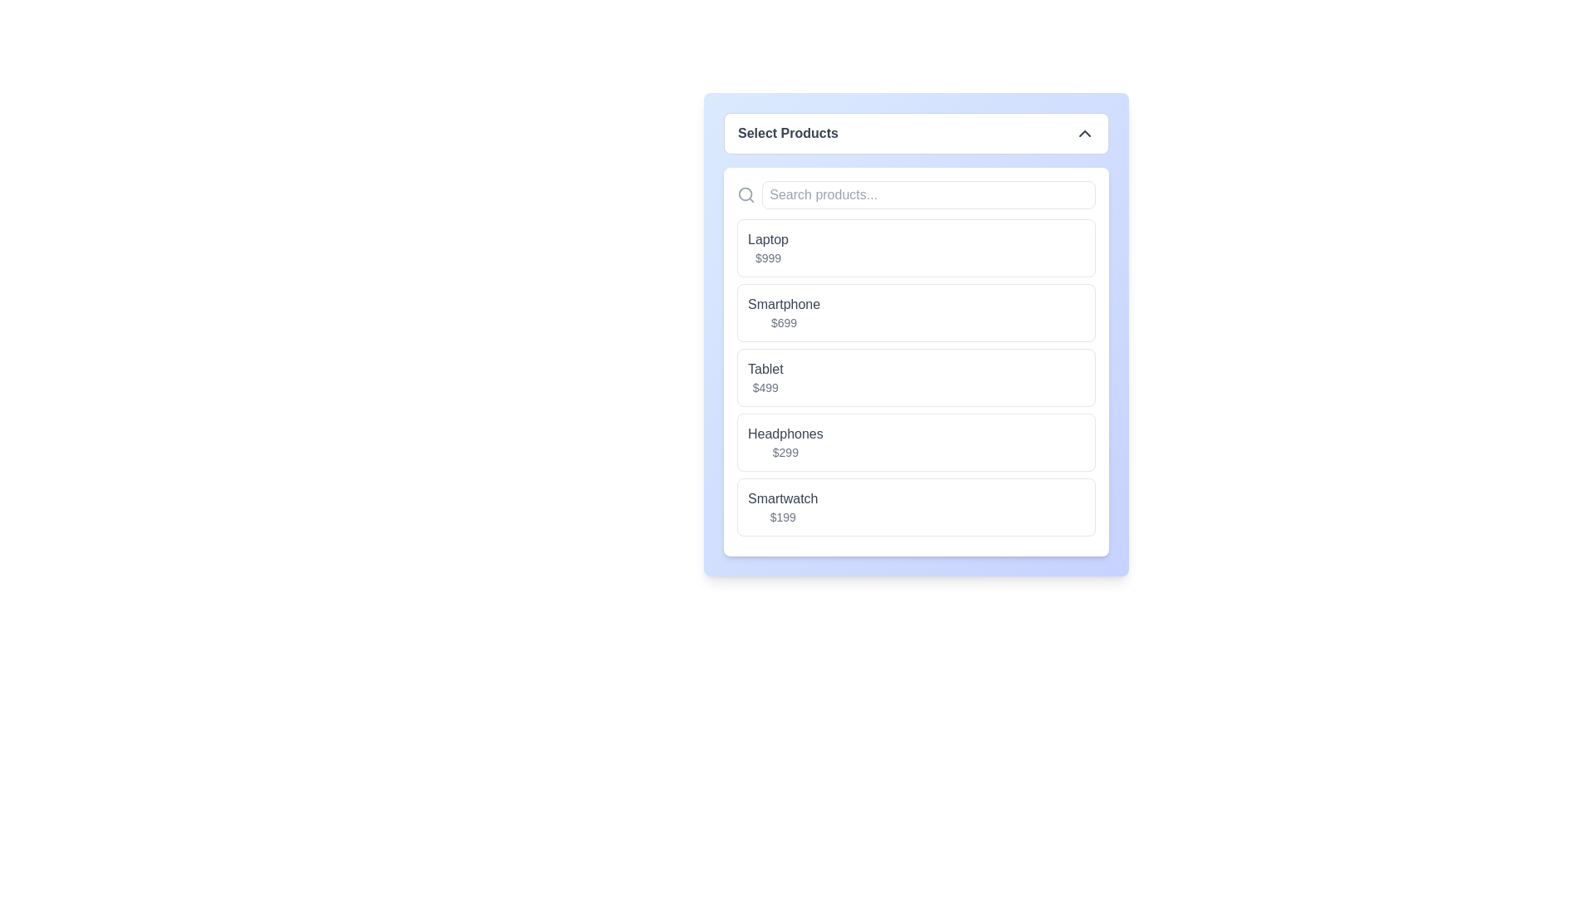  Describe the element at coordinates (782, 517) in the screenshot. I see `the price content displayed in the text element showing '$199' located below the 'Smartwatch' label in the product list` at that location.